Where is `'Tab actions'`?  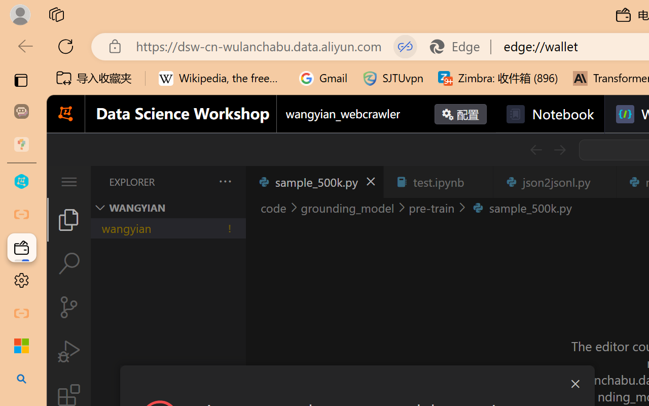
'Tab actions' is located at coordinates (602, 182).